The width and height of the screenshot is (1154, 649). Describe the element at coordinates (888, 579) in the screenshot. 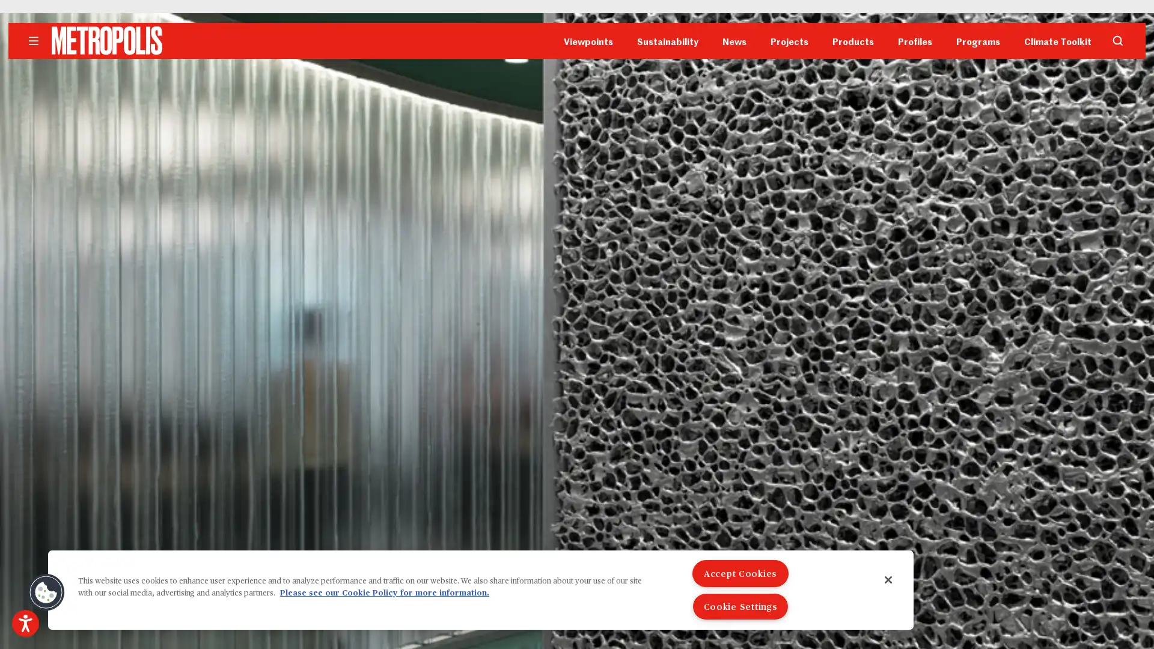

I see `Close` at that location.